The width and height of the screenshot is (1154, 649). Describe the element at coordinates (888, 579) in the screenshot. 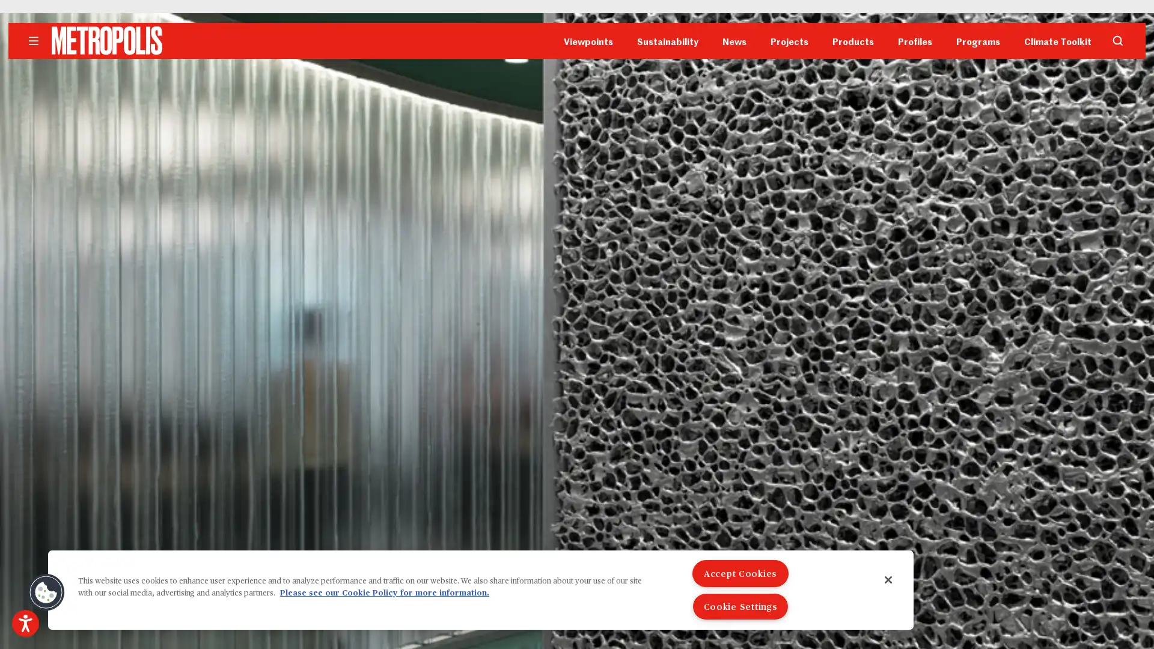

I see `Close` at that location.